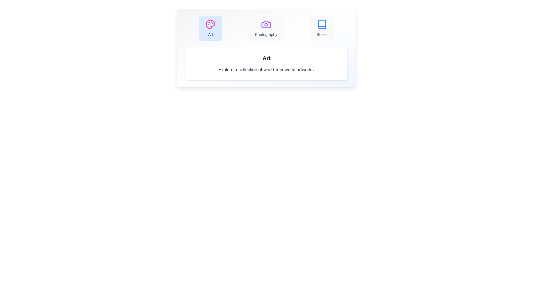 This screenshot has height=303, width=539. I want to click on the Photography tab by clicking on it, so click(266, 28).